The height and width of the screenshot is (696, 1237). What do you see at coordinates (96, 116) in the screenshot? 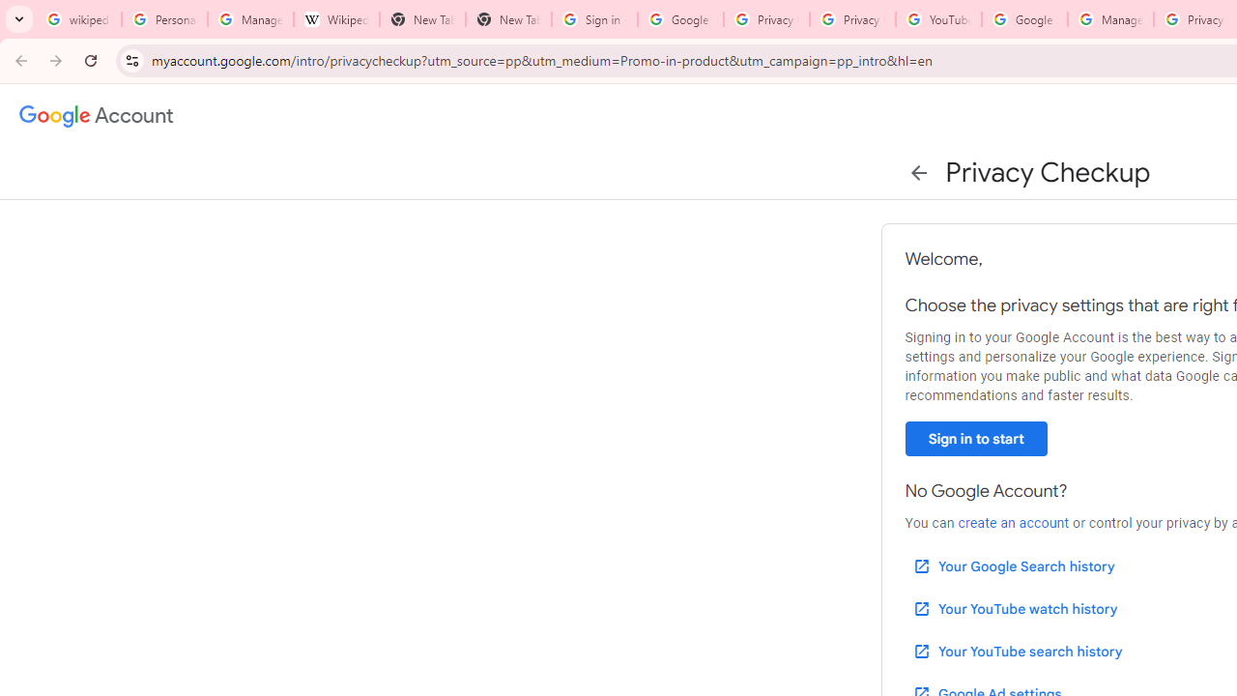
I see `'Google Account settings'` at bounding box center [96, 116].